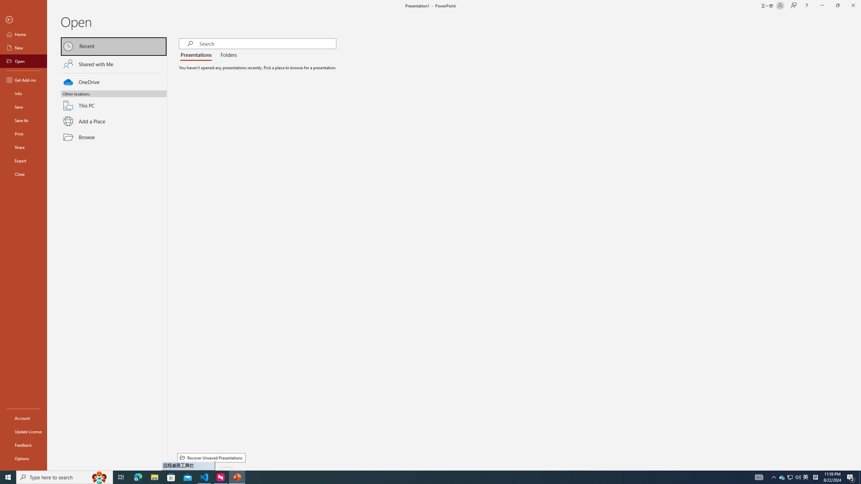 The image size is (861, 484). I want to click on 'Account', so click(23, 418).